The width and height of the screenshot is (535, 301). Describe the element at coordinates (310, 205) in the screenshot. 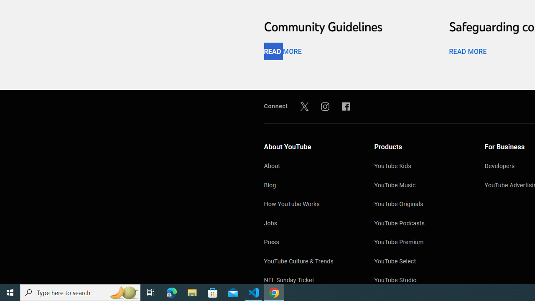

I see `'How YouTube Works'` at that location.